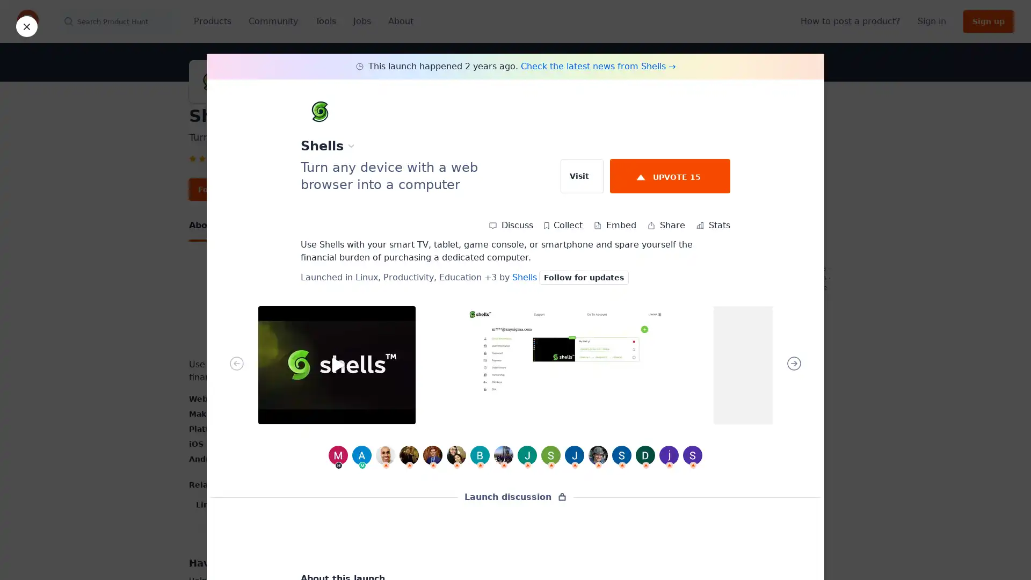 The image size is (1031, 580). What do you see at coordinates (1004, 553) in the screenshot?
I see `Open Intercom Messenger` at bounding box center [1004, 553].